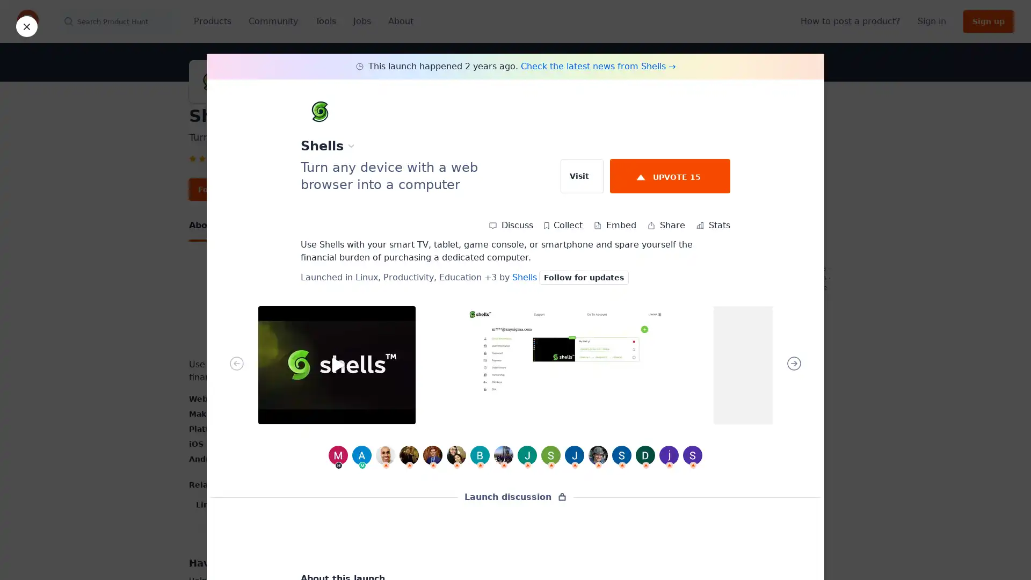 The image size is (1031, 580). What do you see at coordinates (1004, 553) in the screenshot?
I see `Open Intercom Messenger` at bounding box center [1004, 553].